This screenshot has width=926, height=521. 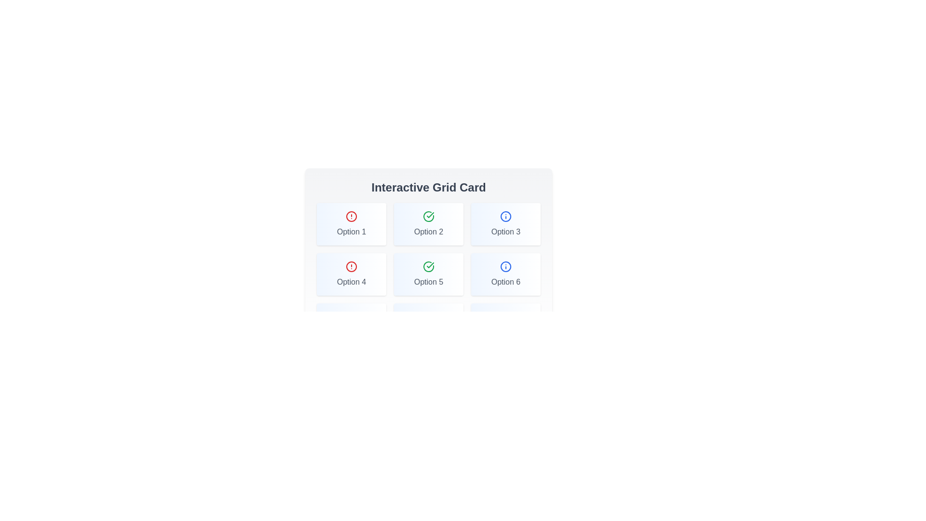 What do you see at coordinates (351, 282) in the screenshot?
I see `label 'Option 4' which is positioned at the bottom-center of the fourth card in the grid` at bounding box center [351, 282].